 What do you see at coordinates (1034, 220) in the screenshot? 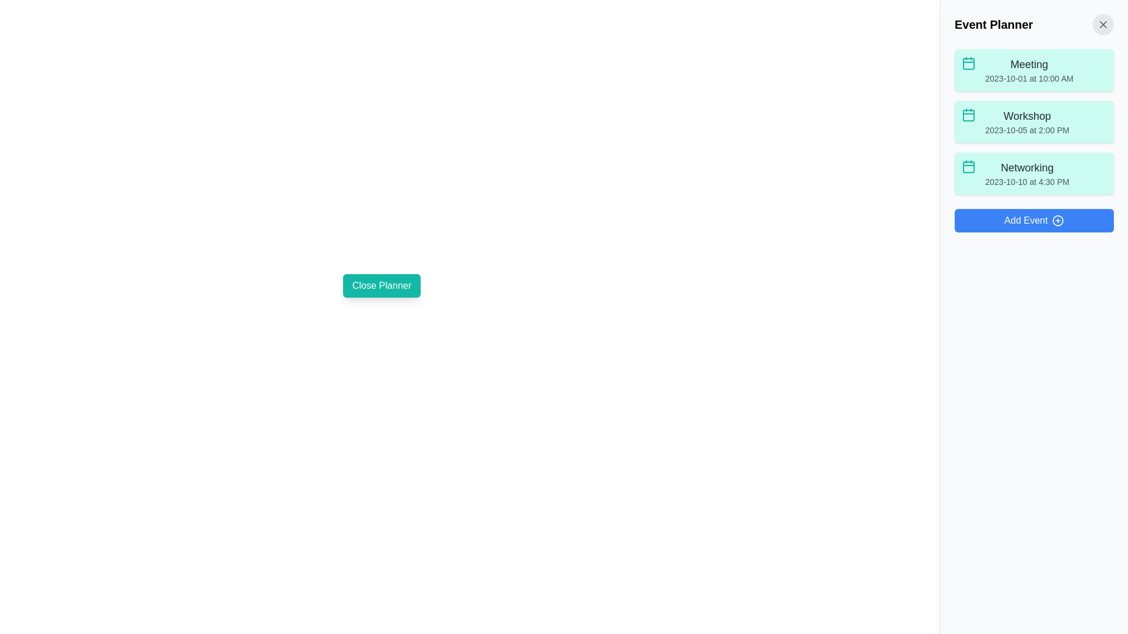
I see `the 'Add Event' button, which is a rectangular button with a blue background and white text, located at the bottom of the right-hand side panel labeled 'Event Planner'` at bounding box center [1034, 220].